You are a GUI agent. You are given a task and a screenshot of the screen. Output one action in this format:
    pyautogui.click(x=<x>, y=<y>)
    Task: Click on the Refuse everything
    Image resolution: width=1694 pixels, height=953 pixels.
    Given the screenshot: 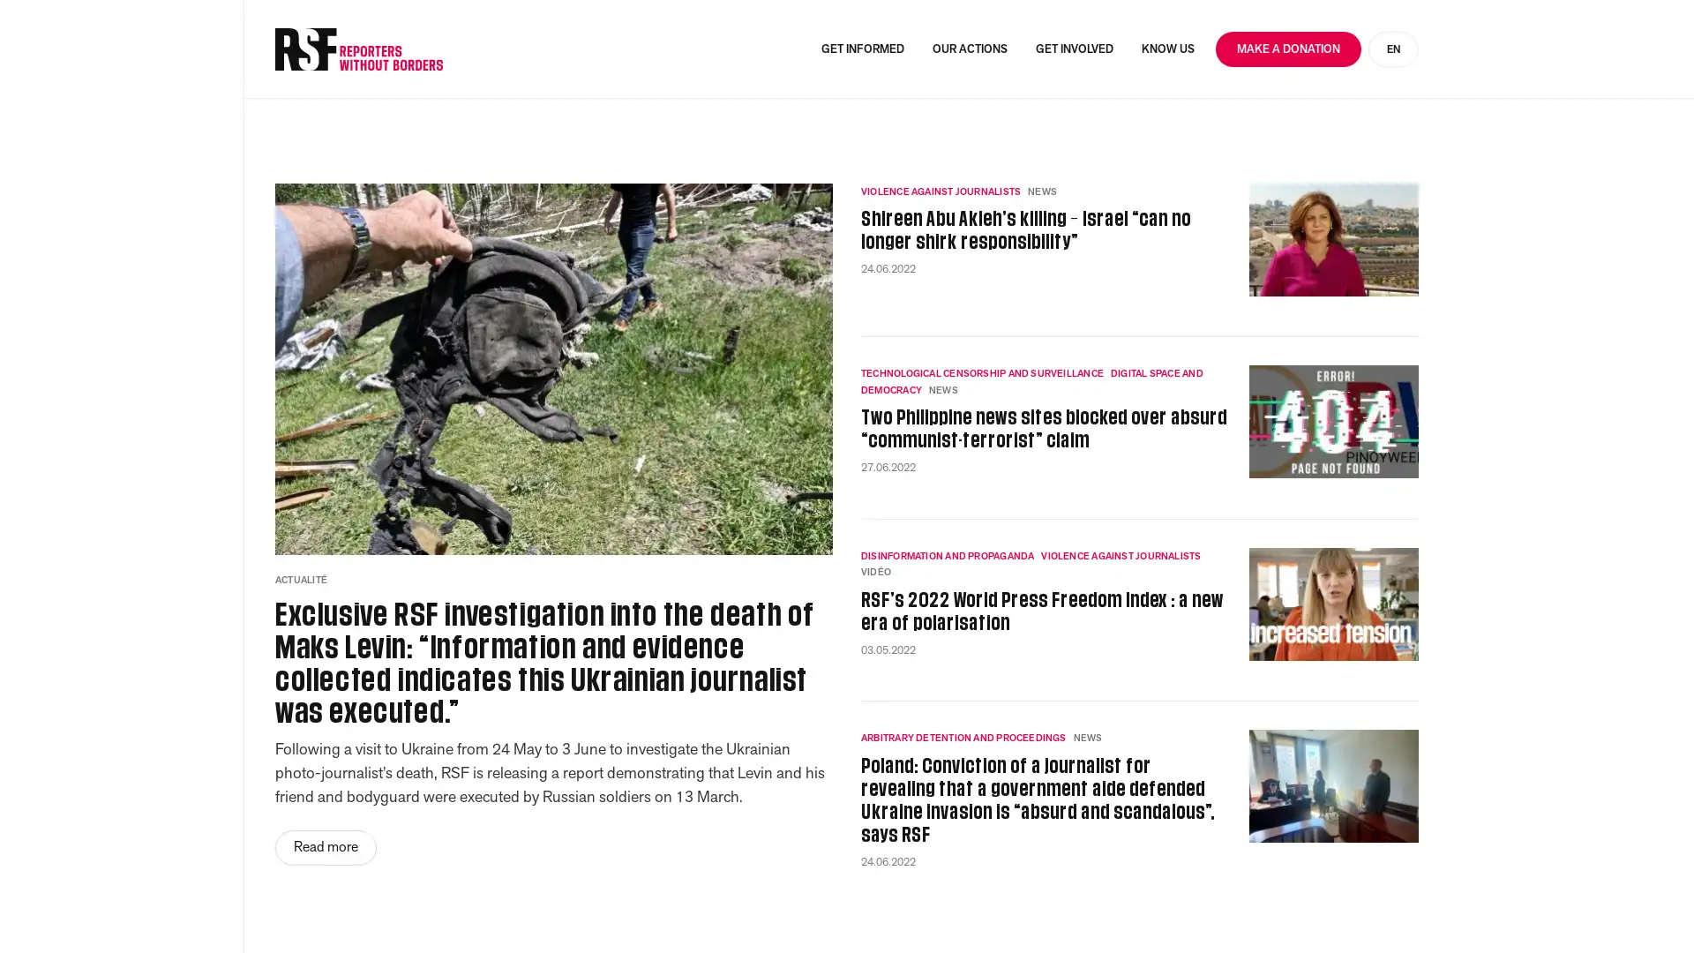 What is the action you would take?
    pyautogui.click(x=1259, y=907)
    